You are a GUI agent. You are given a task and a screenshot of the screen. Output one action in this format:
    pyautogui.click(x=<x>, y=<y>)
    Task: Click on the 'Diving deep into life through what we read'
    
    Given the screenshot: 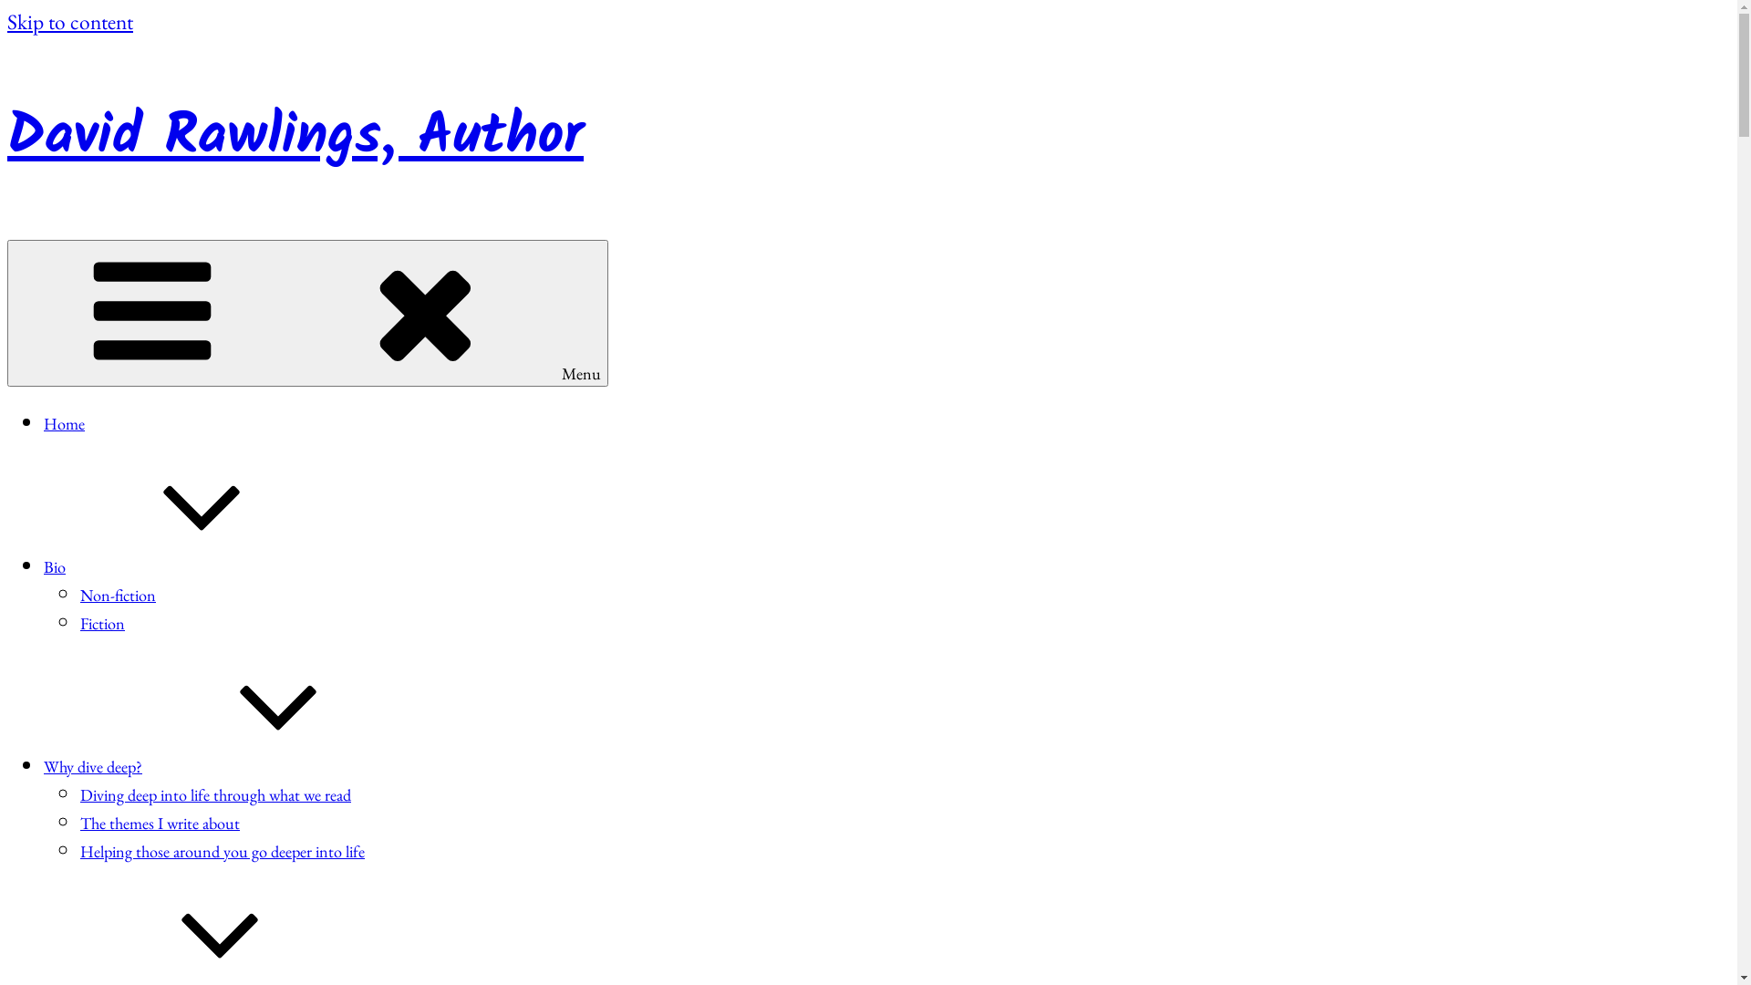 What is the action you would take?
    pyautogui.click(x=215, y=793)
    